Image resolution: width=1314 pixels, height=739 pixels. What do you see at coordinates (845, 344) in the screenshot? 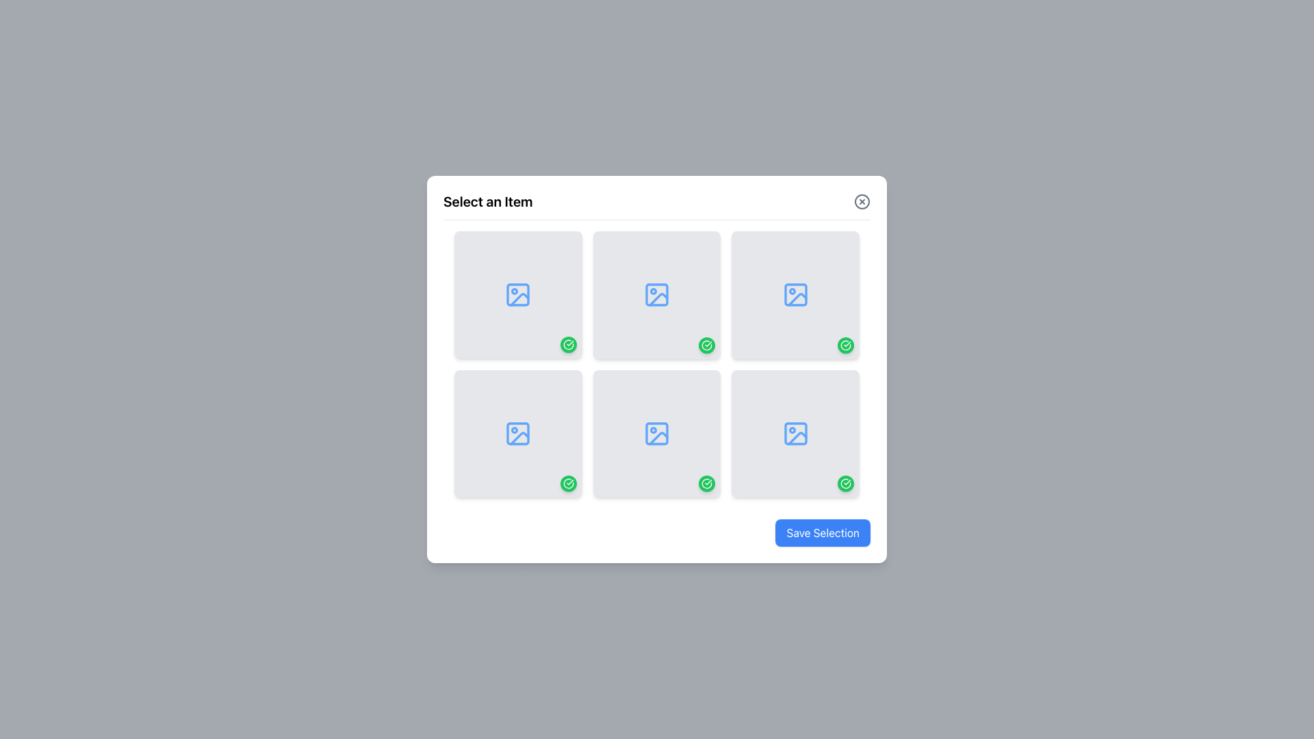
I see `the green circular confirmation icon with a white check mark located in the bottom-right corner of the grid's lower-right tile` at bounding box center [845, 344].